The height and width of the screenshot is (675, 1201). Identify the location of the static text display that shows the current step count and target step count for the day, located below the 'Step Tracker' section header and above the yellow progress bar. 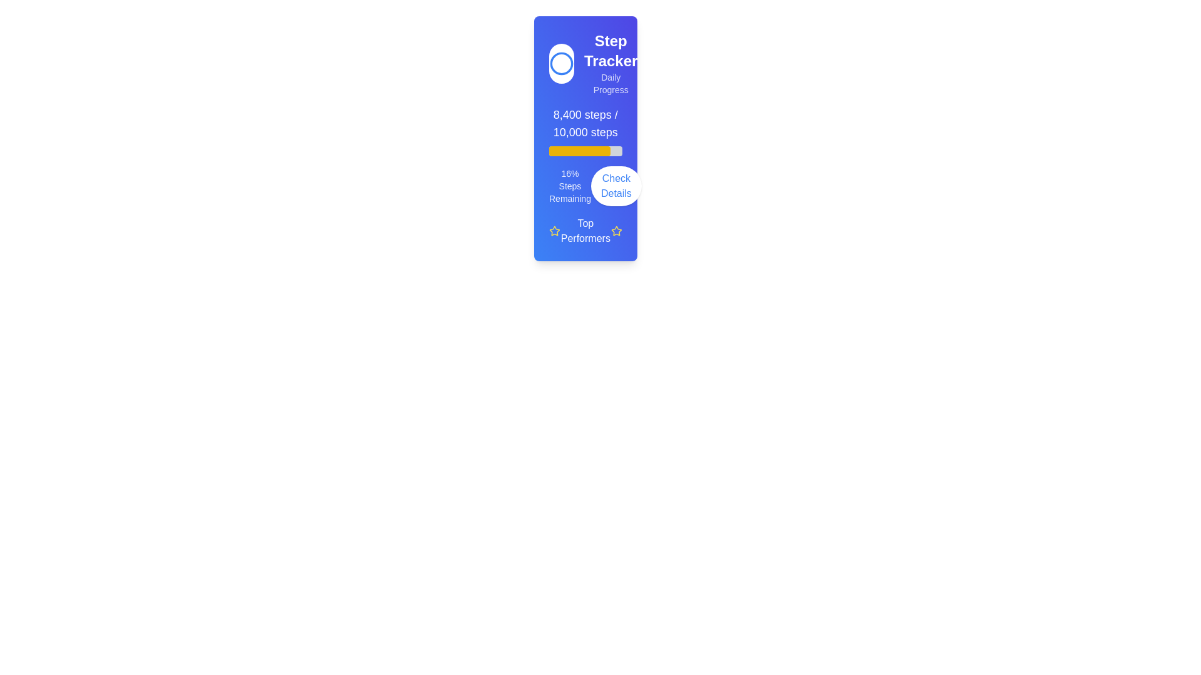
(585, 123).